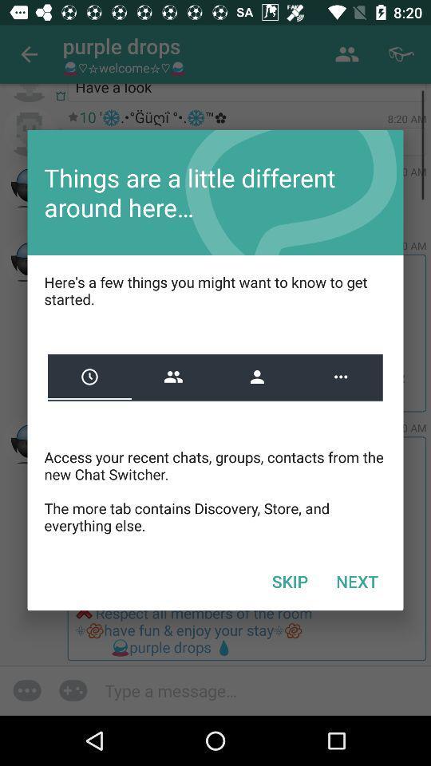 This screenshot has width=431, height=766. What do you see at coordinates (357, 580) in the screenshot?
I see `the next` at bounding box center [357, 580].